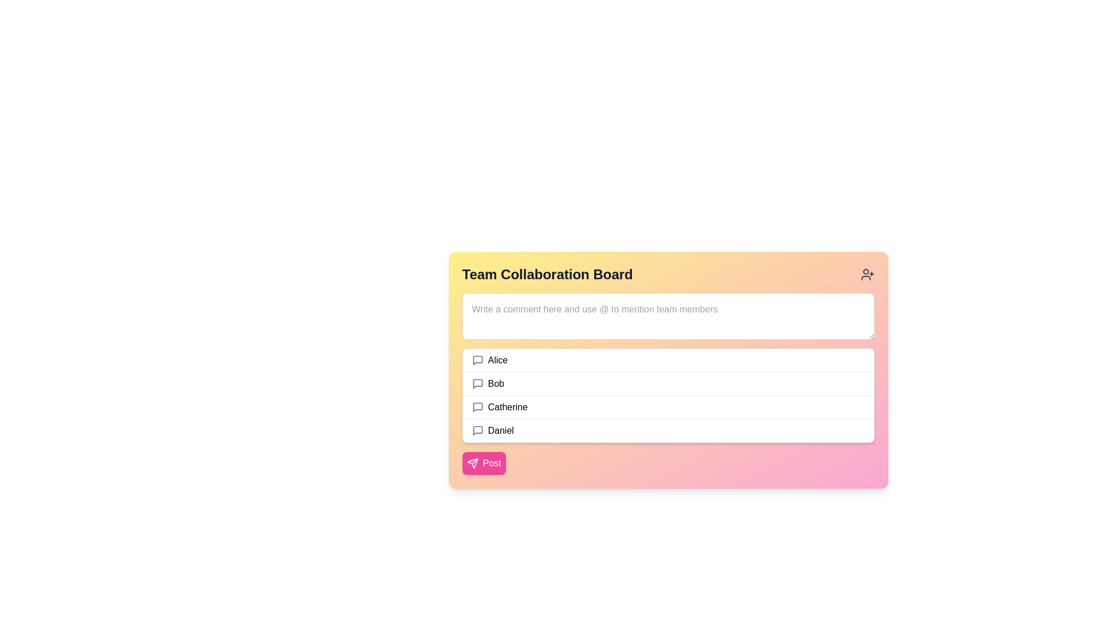  I want to click on the comment icon next to the name 'Bob' in the 'Team Collaboration Board' section, so click(477, 384).